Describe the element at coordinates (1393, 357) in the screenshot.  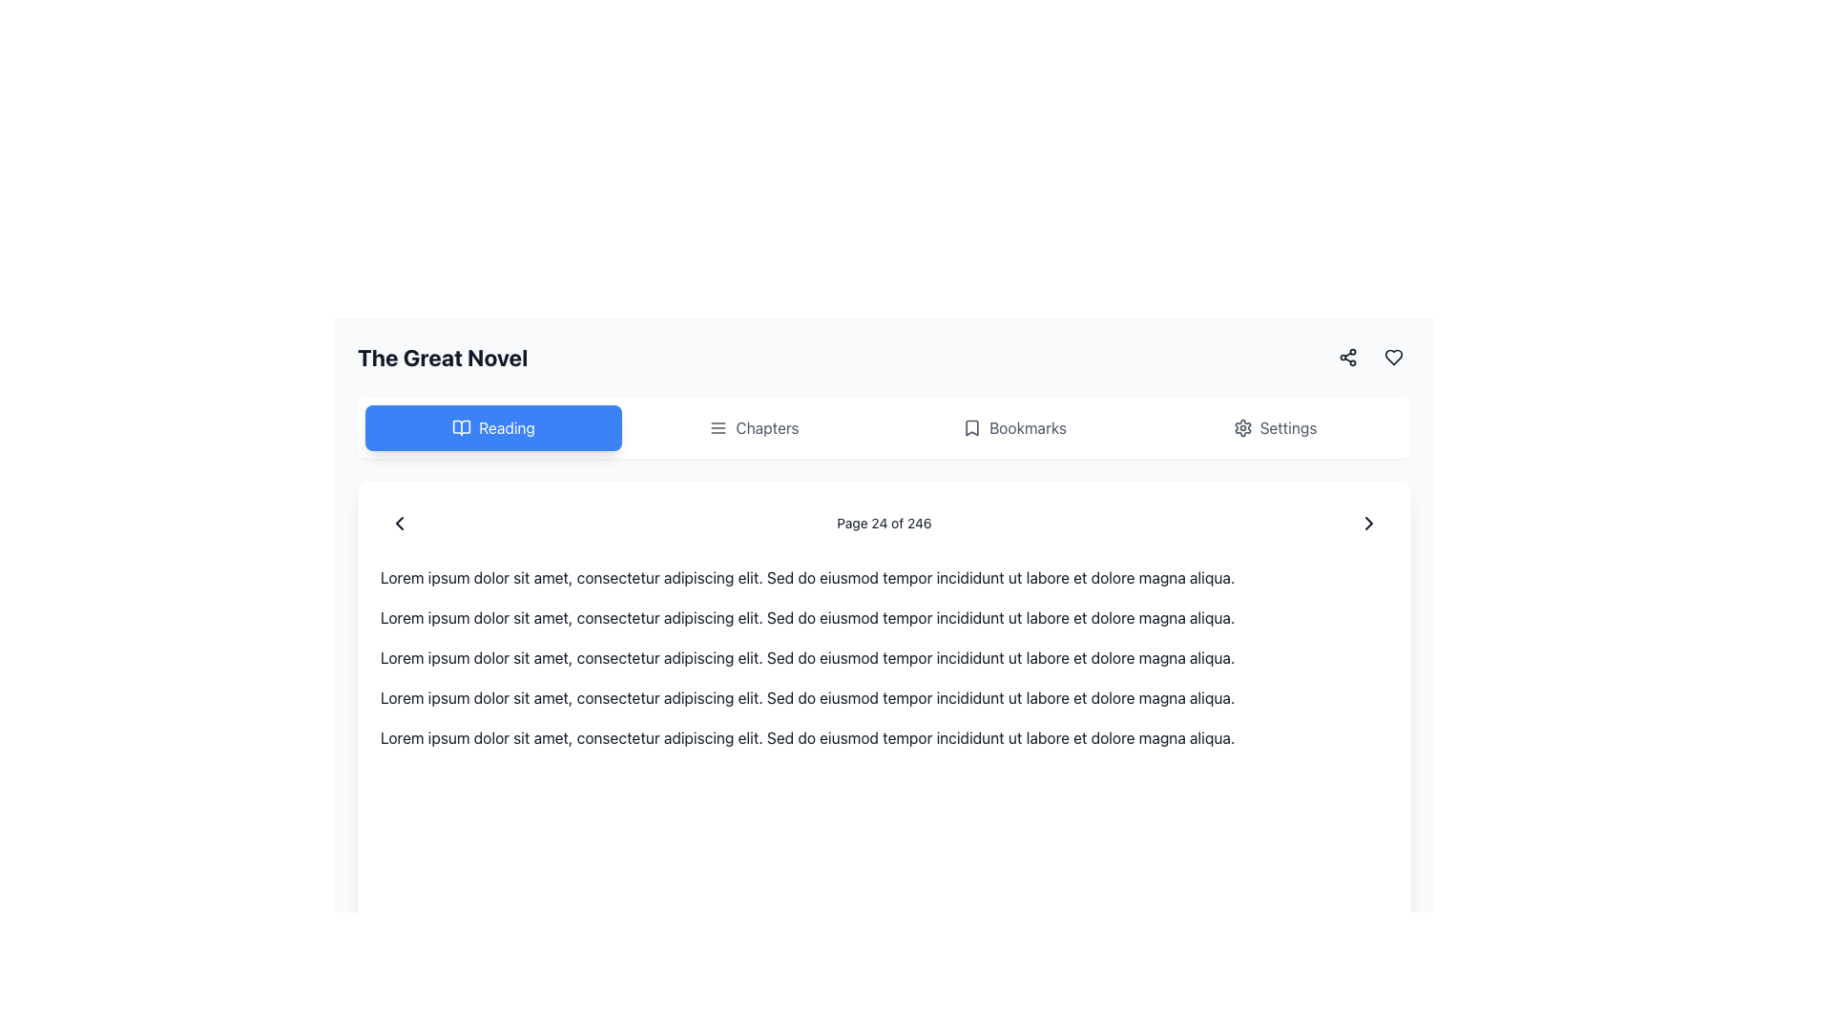
I see `the heart icon, an outlined vector graphic located in the upper right area of the interface near the top navigation bar, to interact with it (e.g., to favorite or like an item)` at that location.